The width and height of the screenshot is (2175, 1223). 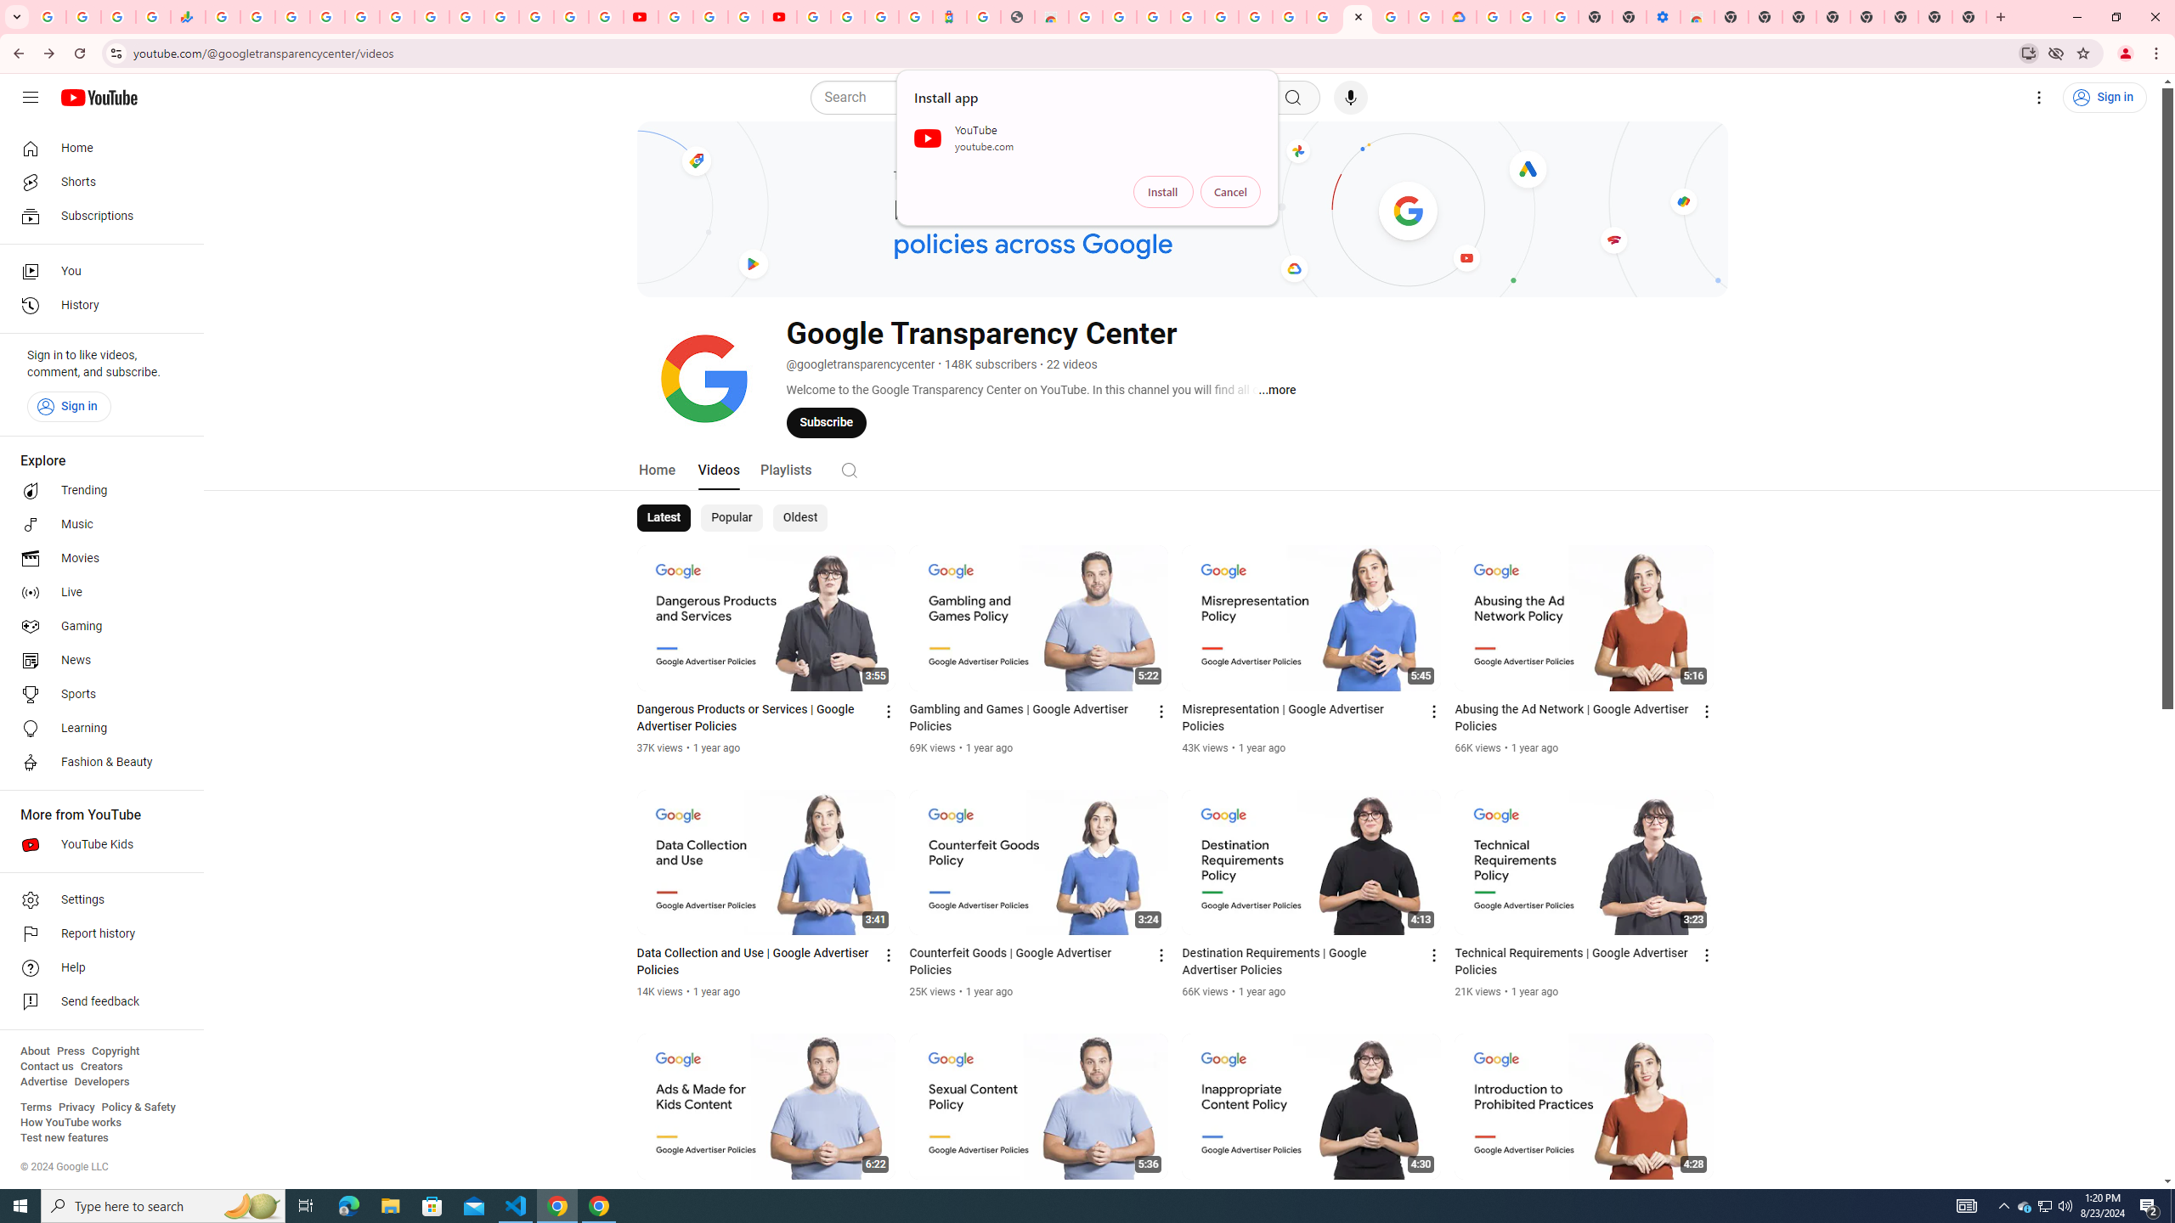 What do you see at coordinates (96, 491) in the screenshot?
I see `'Trending'` at bounding box center [96, 491].